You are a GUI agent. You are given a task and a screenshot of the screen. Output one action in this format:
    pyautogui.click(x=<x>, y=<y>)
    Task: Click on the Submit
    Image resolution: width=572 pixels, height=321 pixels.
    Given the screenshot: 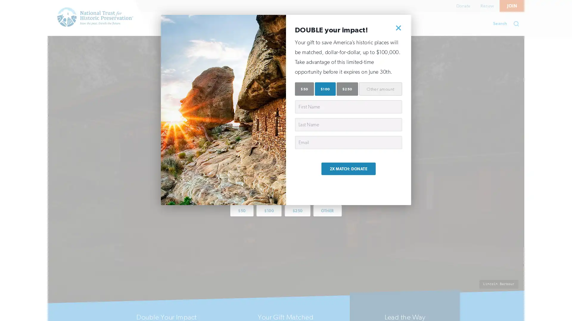 What is the action you would take?
    pyautogui.click(x=518, y=23)
    